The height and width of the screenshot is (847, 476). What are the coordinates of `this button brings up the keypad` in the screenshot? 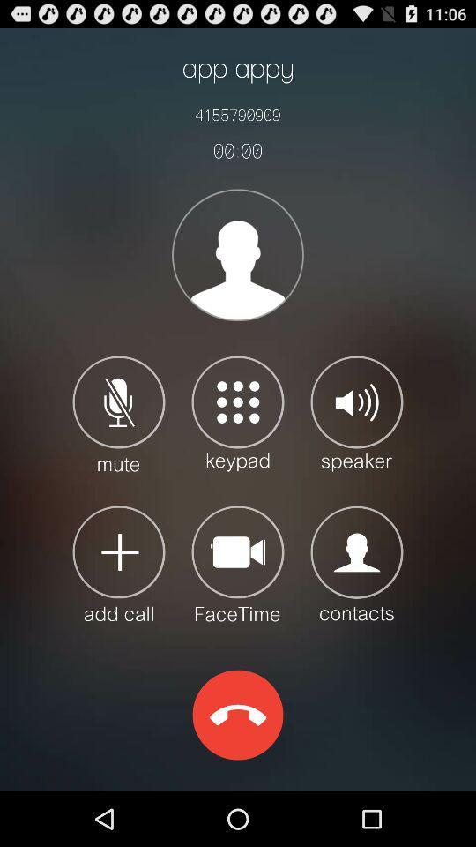 It's located at (238, 413).